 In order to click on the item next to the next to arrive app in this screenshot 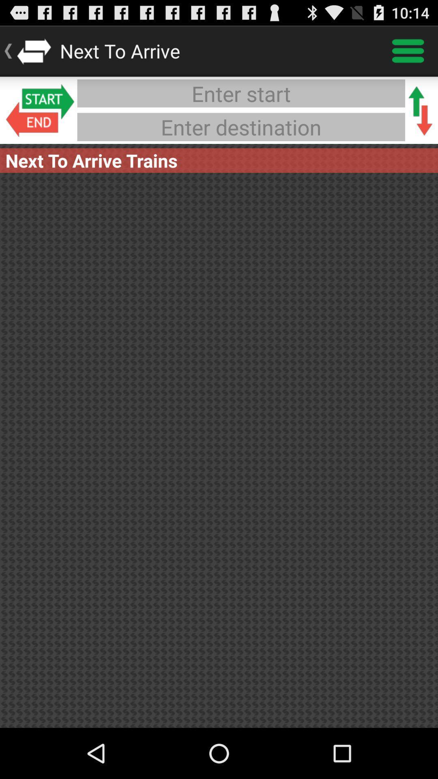, I will do `click(408, 50)`.